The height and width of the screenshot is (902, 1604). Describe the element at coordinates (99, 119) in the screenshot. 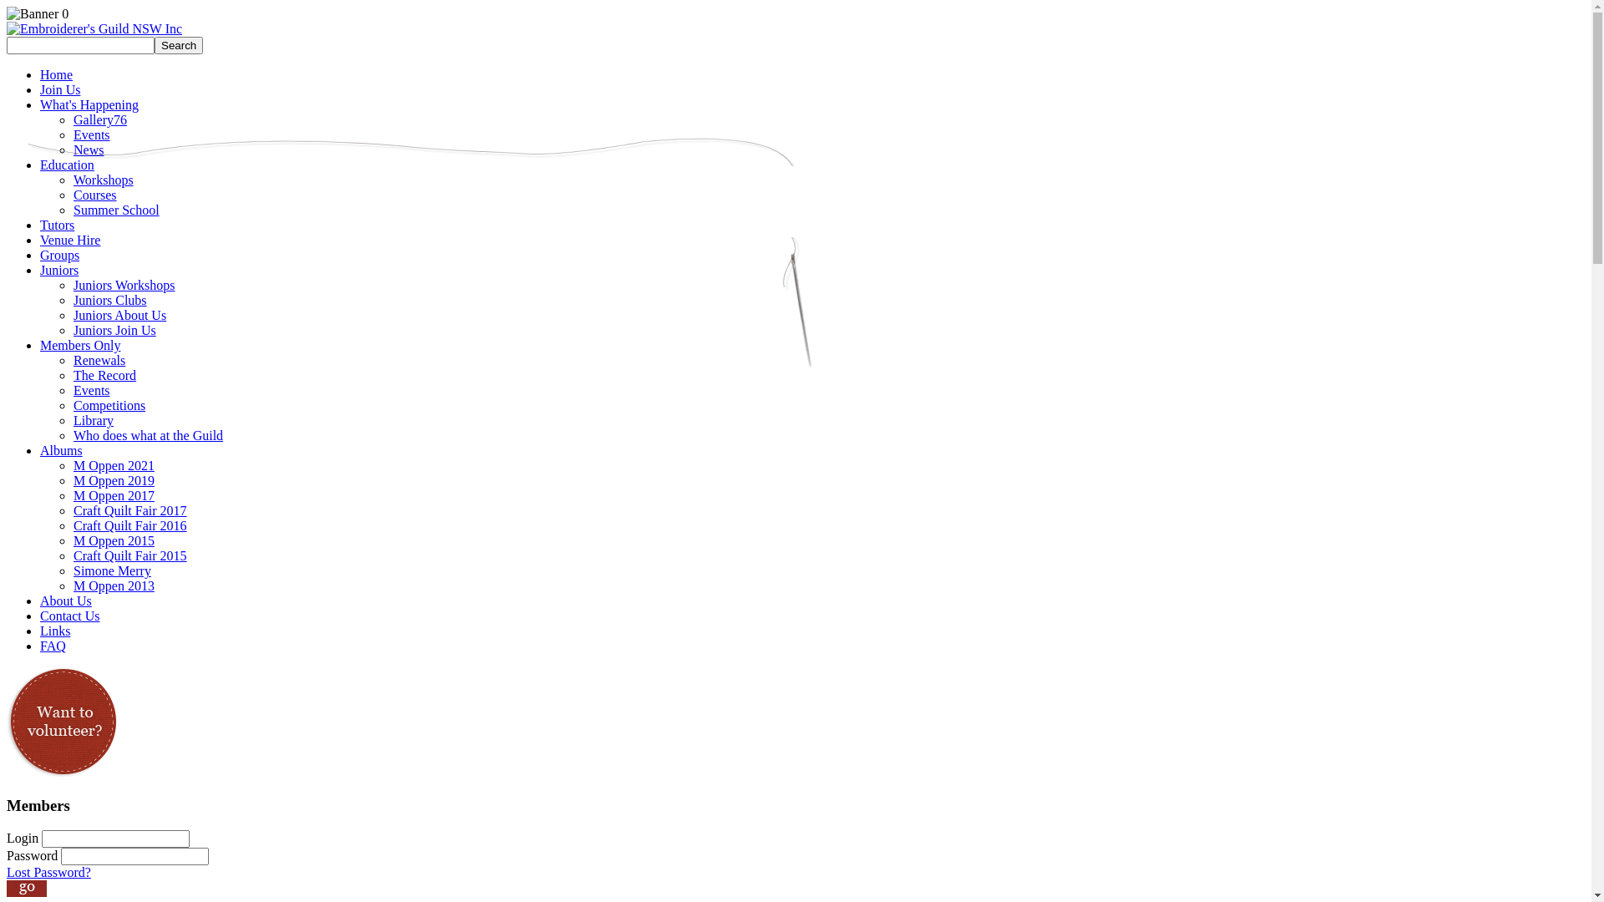

I see `'Gallery76'` at that location.